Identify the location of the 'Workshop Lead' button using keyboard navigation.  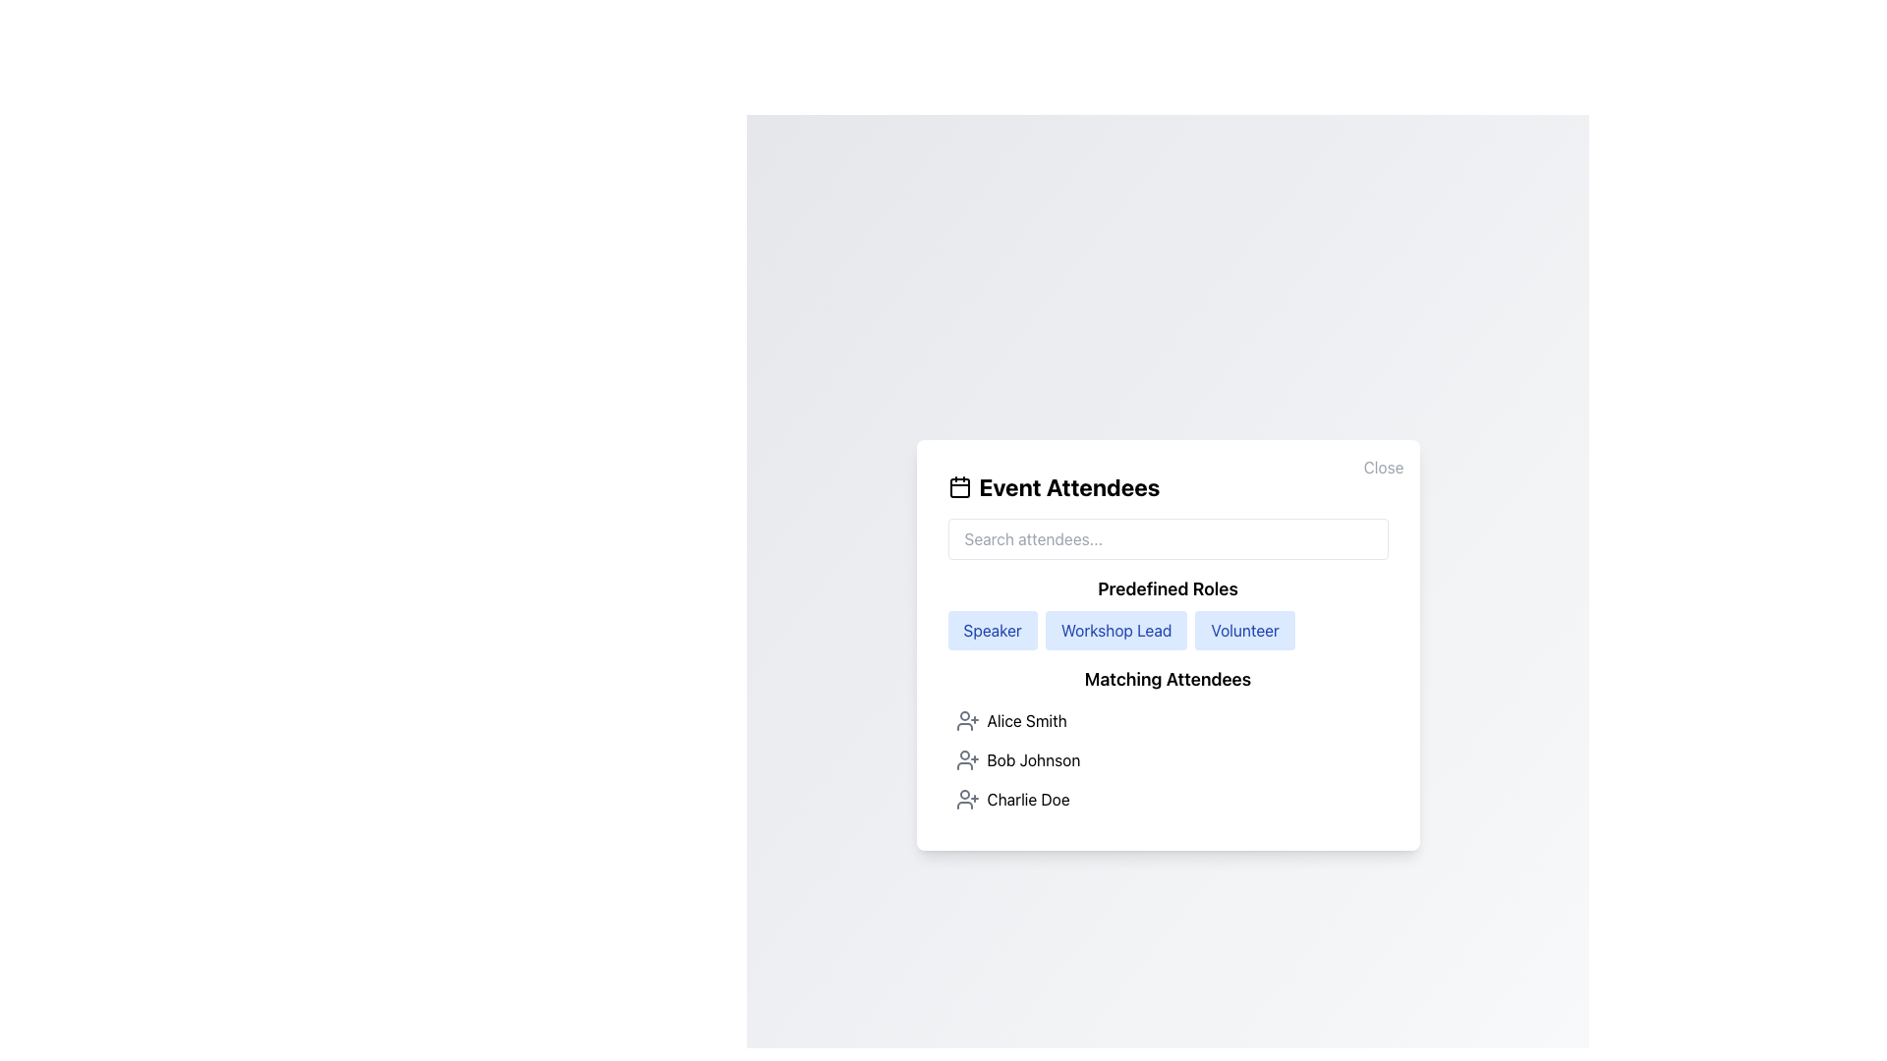
(1116, 630).